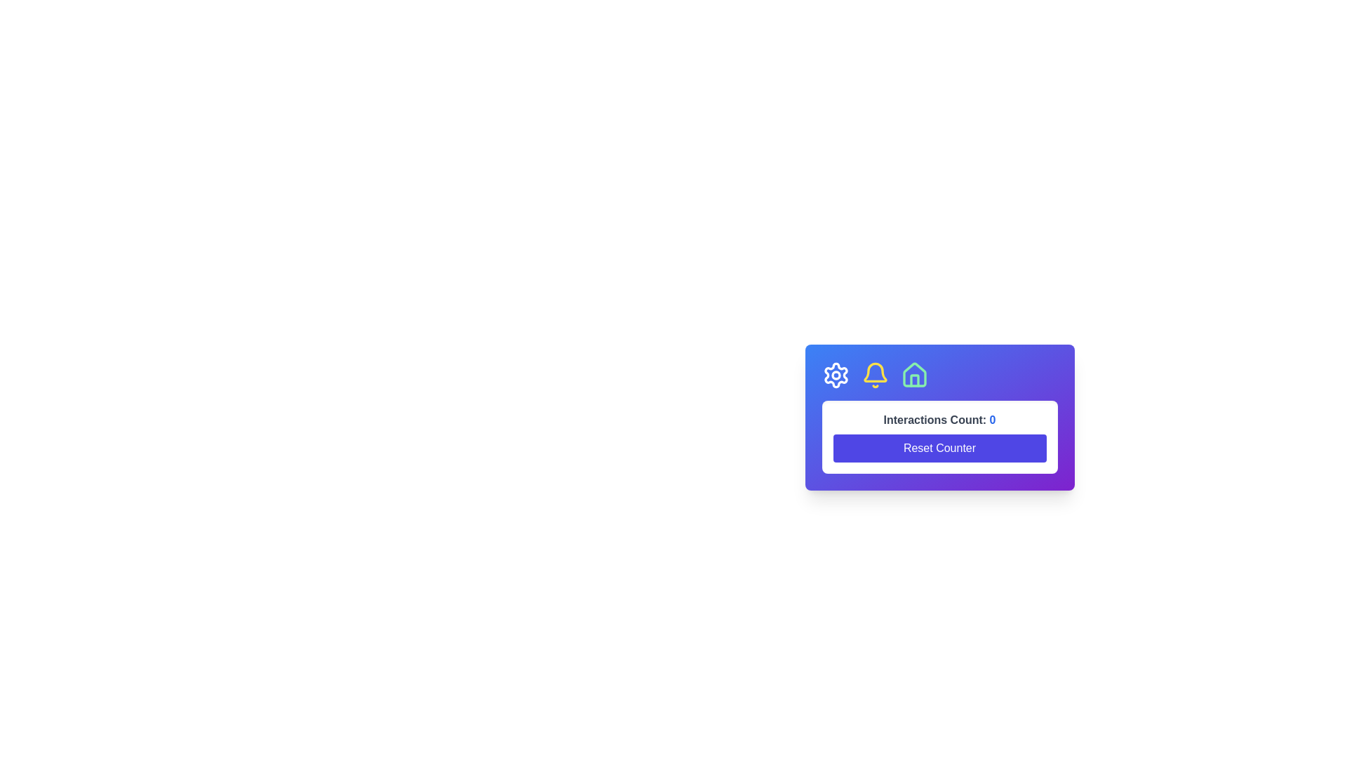 The height and width of the screenshot is (758, 1347). I want to click on the 'Home' icon, which is the fourth icon in a row at the top of a purple interface box, so click(914, 375).